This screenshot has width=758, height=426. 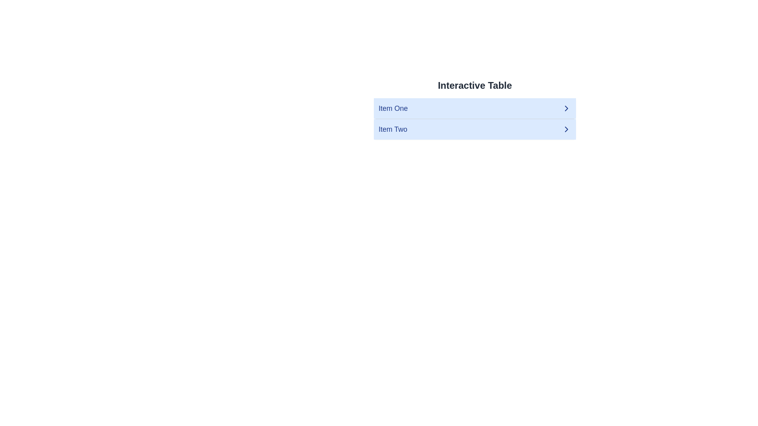 What do you see at coordinates (566, 129) in the screenshot?
I see `the right-pointing chevron icon with a thin stroke on a blue background, located in the 'Item Two' row of the interactive table` at bounding box center [566, 129].